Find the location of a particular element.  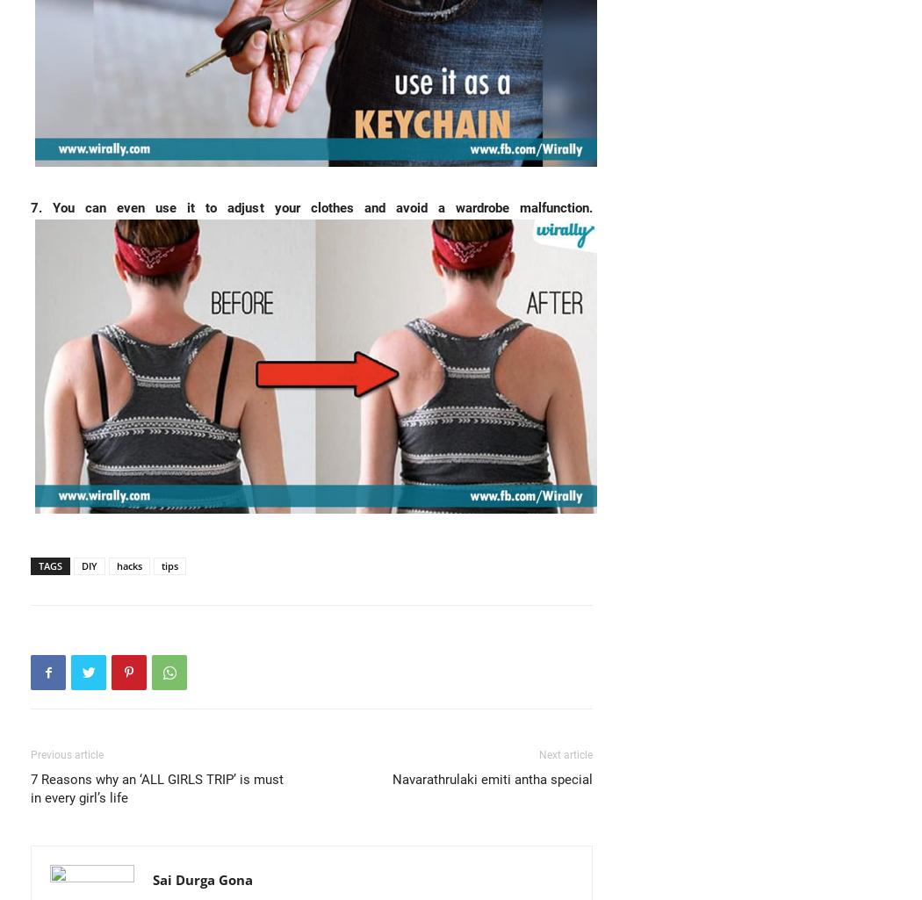

'Navarathrulaki emiti antha special' is located at coordinates (493, 778).